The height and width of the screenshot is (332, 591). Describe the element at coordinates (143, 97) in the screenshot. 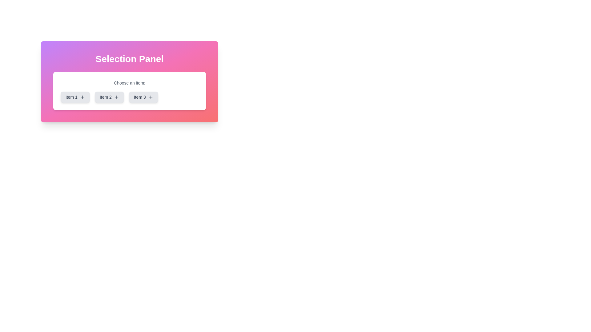

I see `the 'Item 3' button with a plus icon` at that location.